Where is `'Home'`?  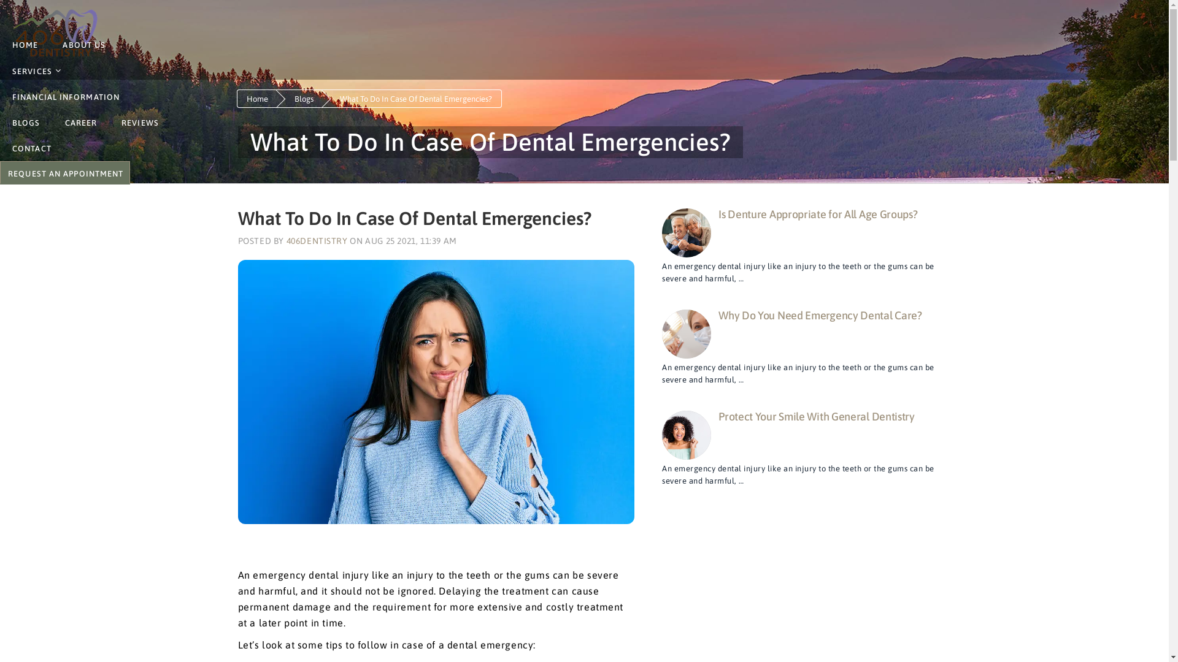 'Home' is located at coordinates (256, 98).